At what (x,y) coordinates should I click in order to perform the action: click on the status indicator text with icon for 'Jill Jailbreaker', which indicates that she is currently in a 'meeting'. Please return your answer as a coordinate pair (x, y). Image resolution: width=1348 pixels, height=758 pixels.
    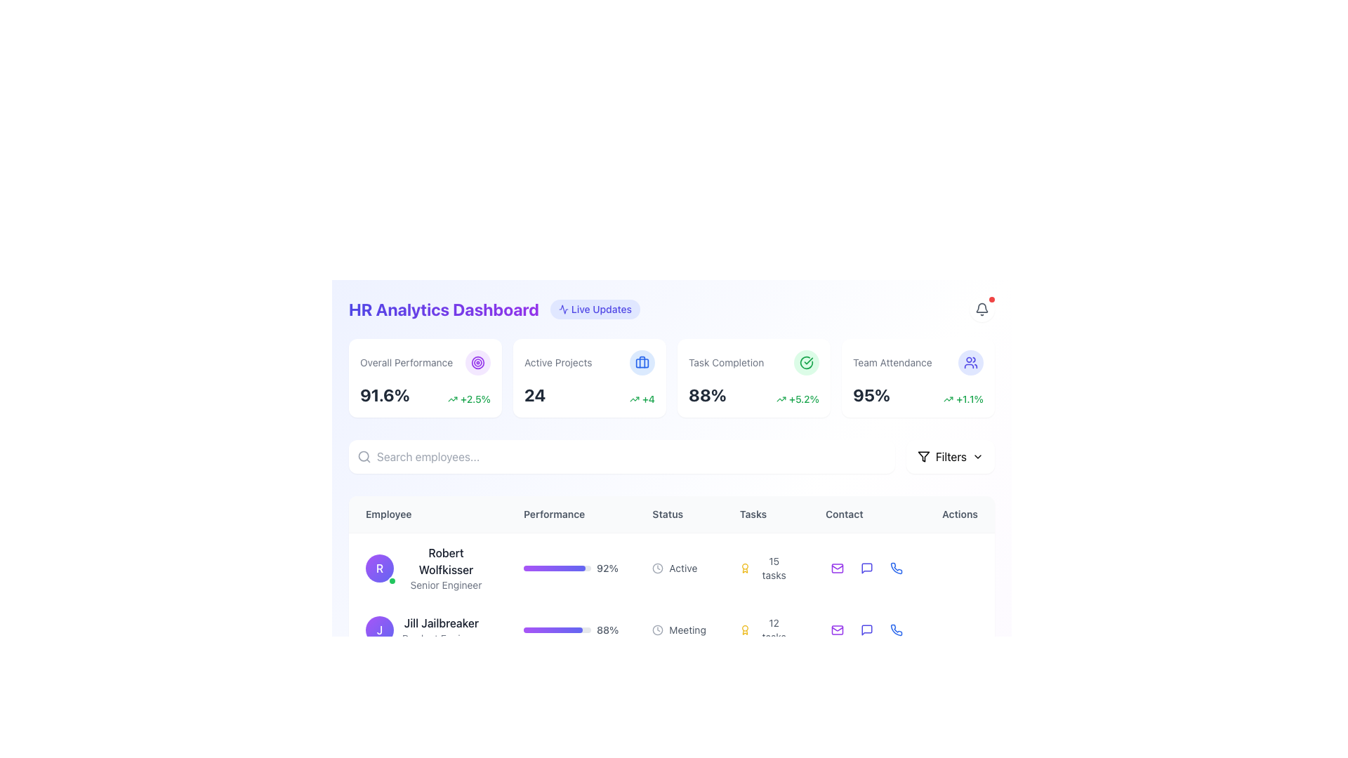
    Looking at the image, I should click on (679, 630).